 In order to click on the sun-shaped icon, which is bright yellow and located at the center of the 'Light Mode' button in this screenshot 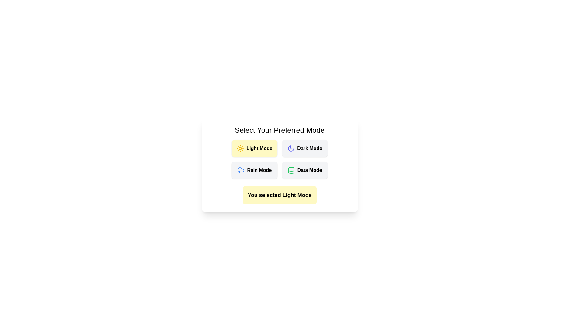, I will do `click(240, 149)`.